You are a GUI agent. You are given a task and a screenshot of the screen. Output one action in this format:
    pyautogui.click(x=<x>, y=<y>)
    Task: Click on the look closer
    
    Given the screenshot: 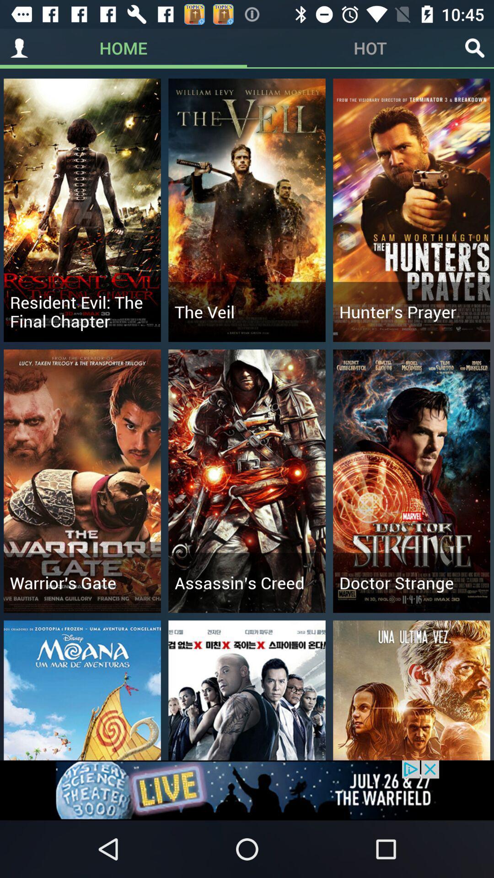 What is the action you would take?
    pyautogui.click(x=474, y=48)
    